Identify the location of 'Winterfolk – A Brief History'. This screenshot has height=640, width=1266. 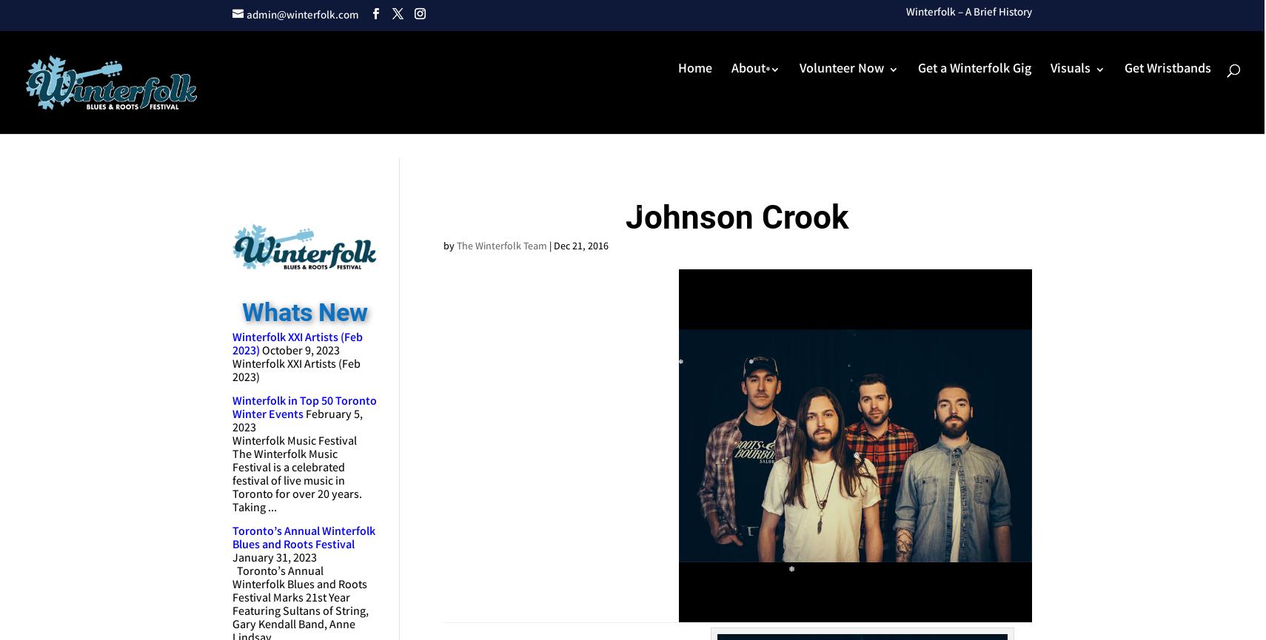
(969, 13).